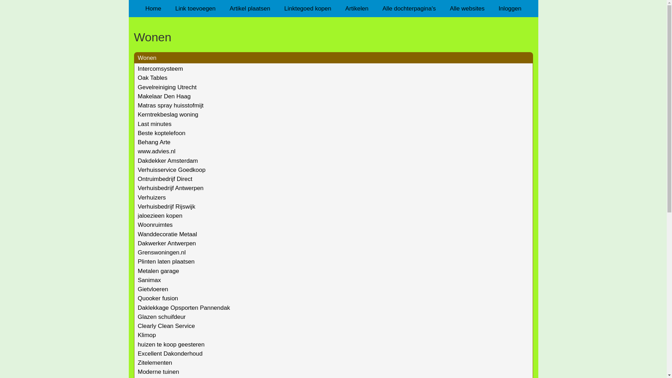 Image resolution: width=672 pixels, height=378 pixels. What do you see at coordinates (250, 8) in the screenshot?
I see `'Artikel plaatsen'` at bounding box center [250, 8].